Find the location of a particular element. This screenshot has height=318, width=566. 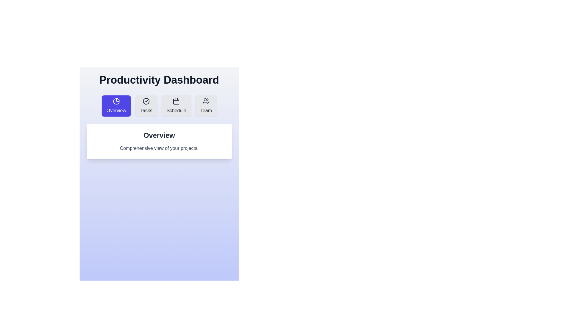

the tab button labeled Tasks to switch to its view is located at coordinates (146, 105).